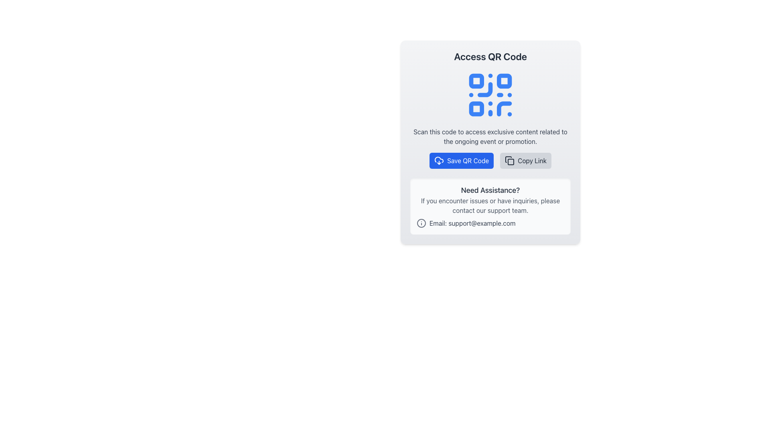  Describe the element at coordinates (490, 190) in the screenshot. I see `the Text heading that serves as a header for the support information section, indicating the purpose of the section below` at that location.